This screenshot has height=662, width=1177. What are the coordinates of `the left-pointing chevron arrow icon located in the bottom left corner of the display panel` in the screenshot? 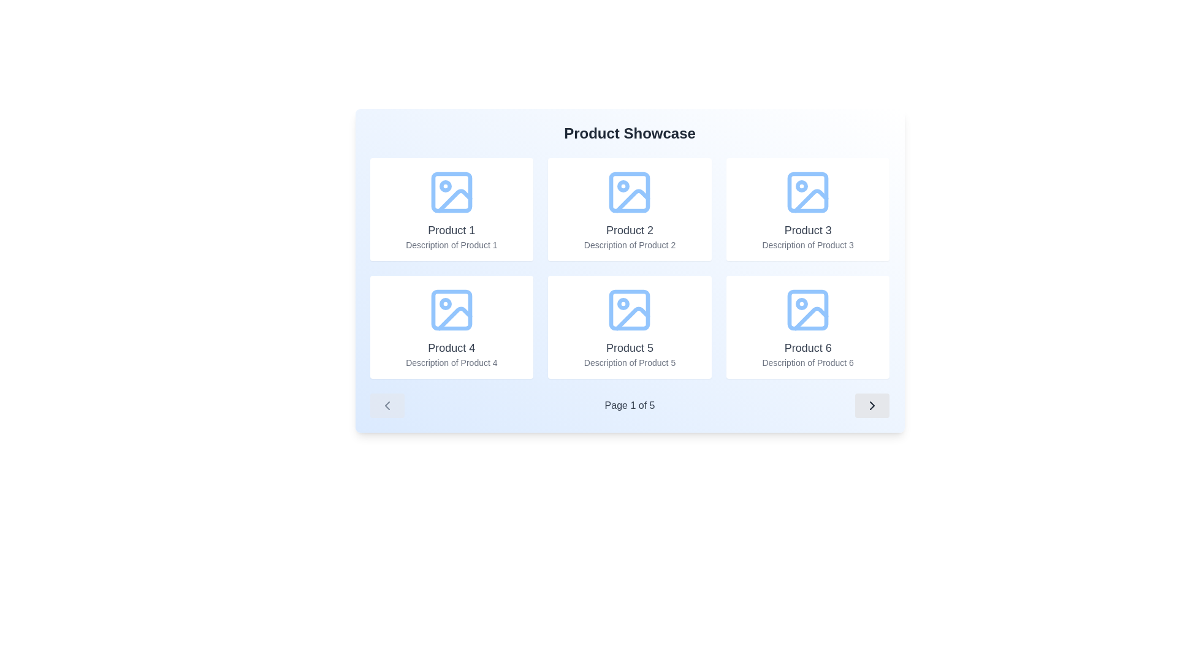 It's located at (386, 406).